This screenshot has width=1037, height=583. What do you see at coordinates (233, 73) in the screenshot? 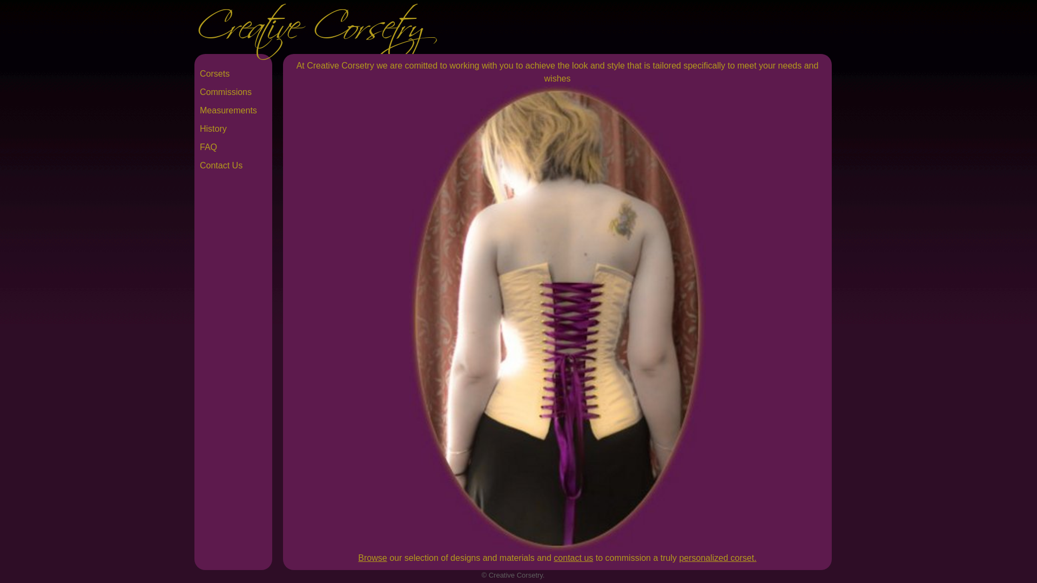
I see `'Corsets'` at bounding box center [233, 73].